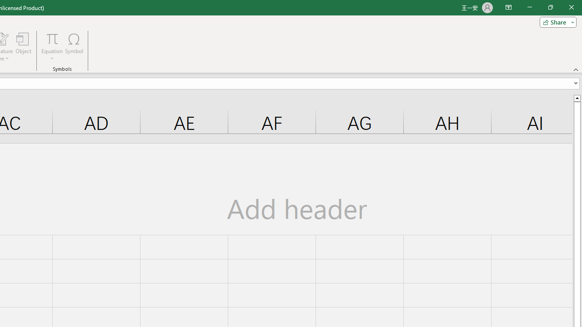  Describe the element at coordinates (74, 47) in the screenshot. I see `'Symbol...'` at that location.